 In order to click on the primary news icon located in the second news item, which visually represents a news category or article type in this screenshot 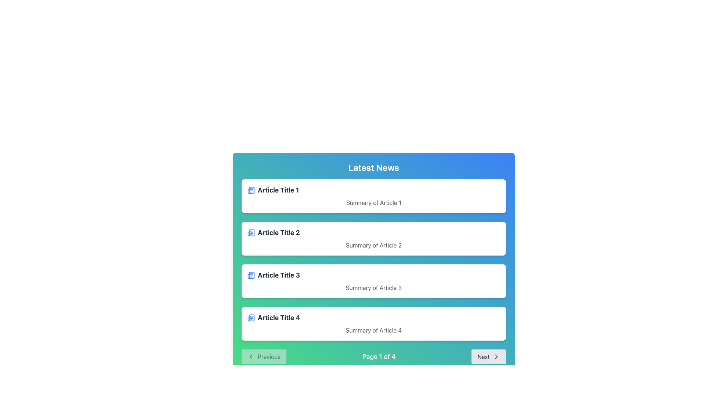, I will do `click(251, 233)`.